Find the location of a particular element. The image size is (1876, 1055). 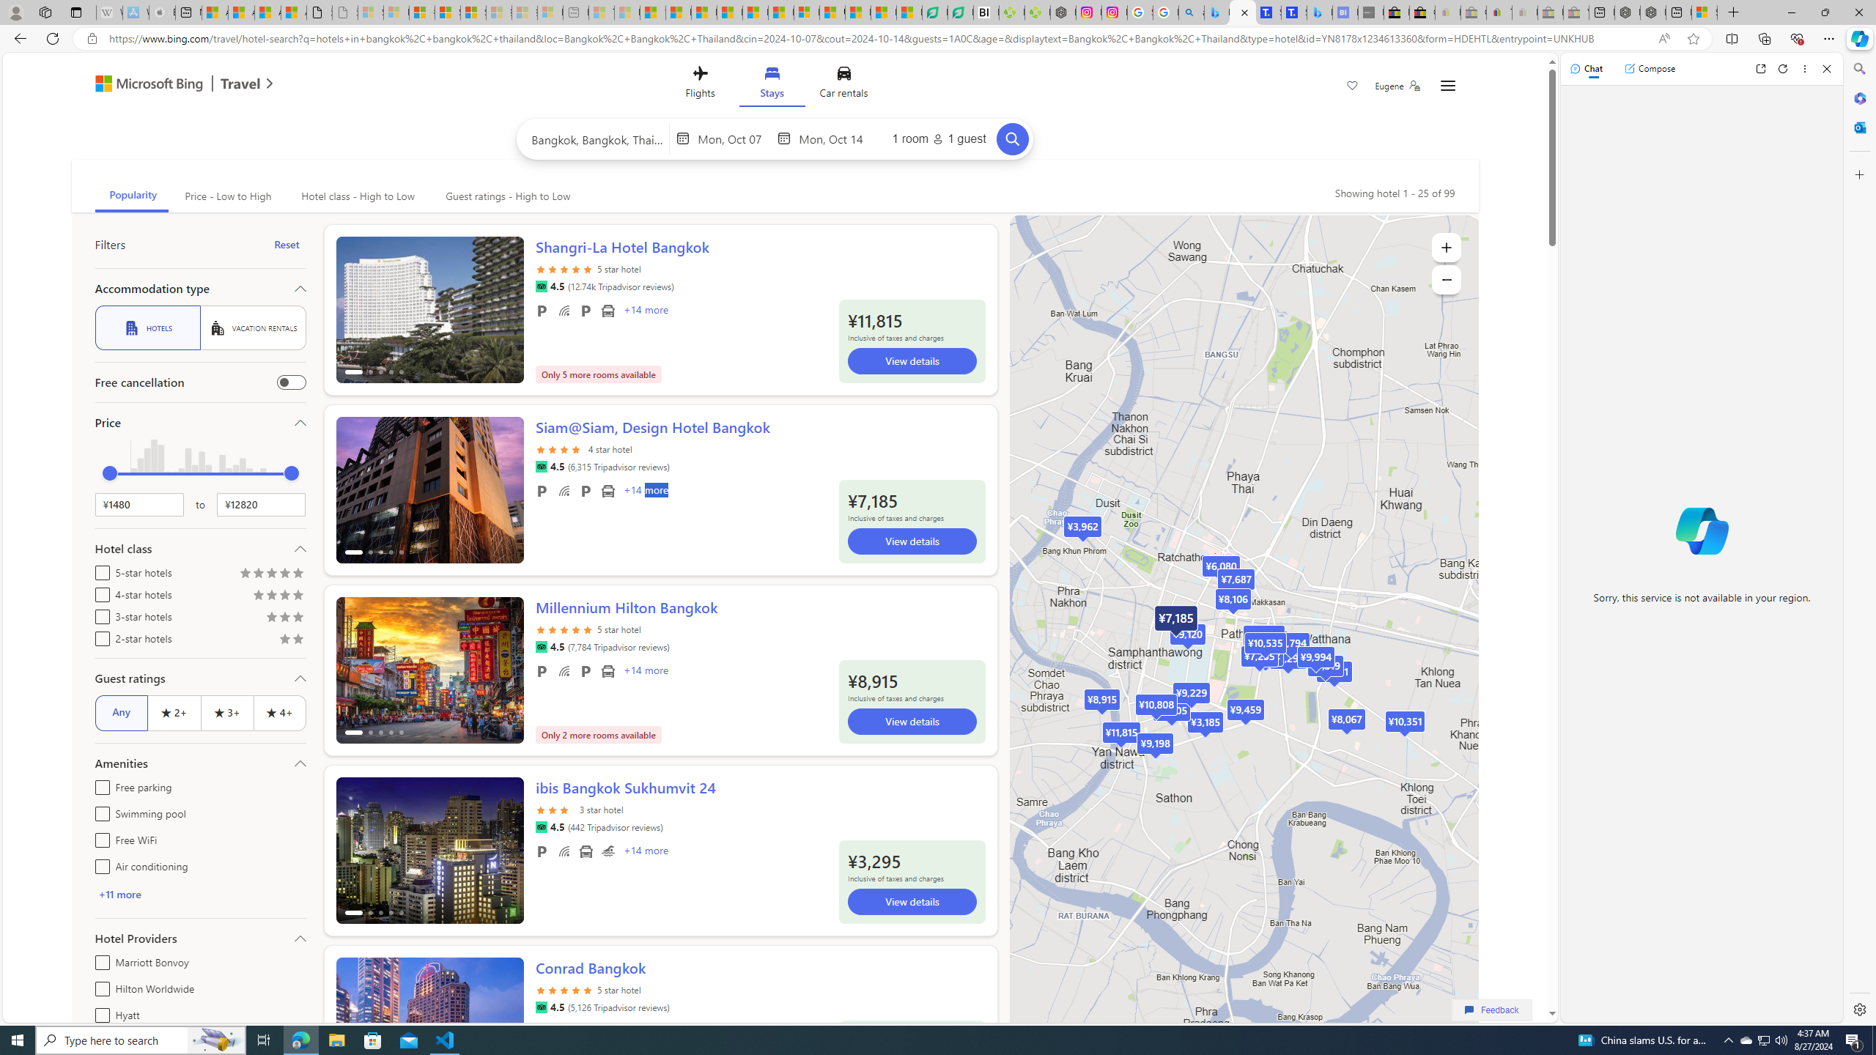

'Start Date' is located at coordinates (734, 138).